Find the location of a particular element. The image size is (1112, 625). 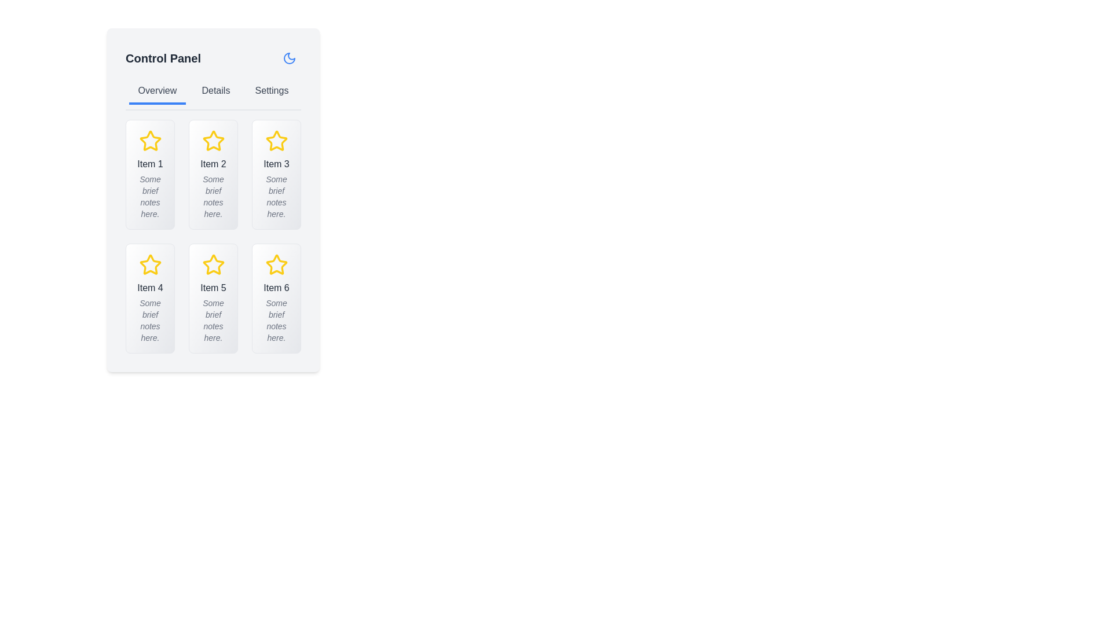

the blue crescent moon icon button located in the top-right corner of the interface is located at coordinates (289, 58).